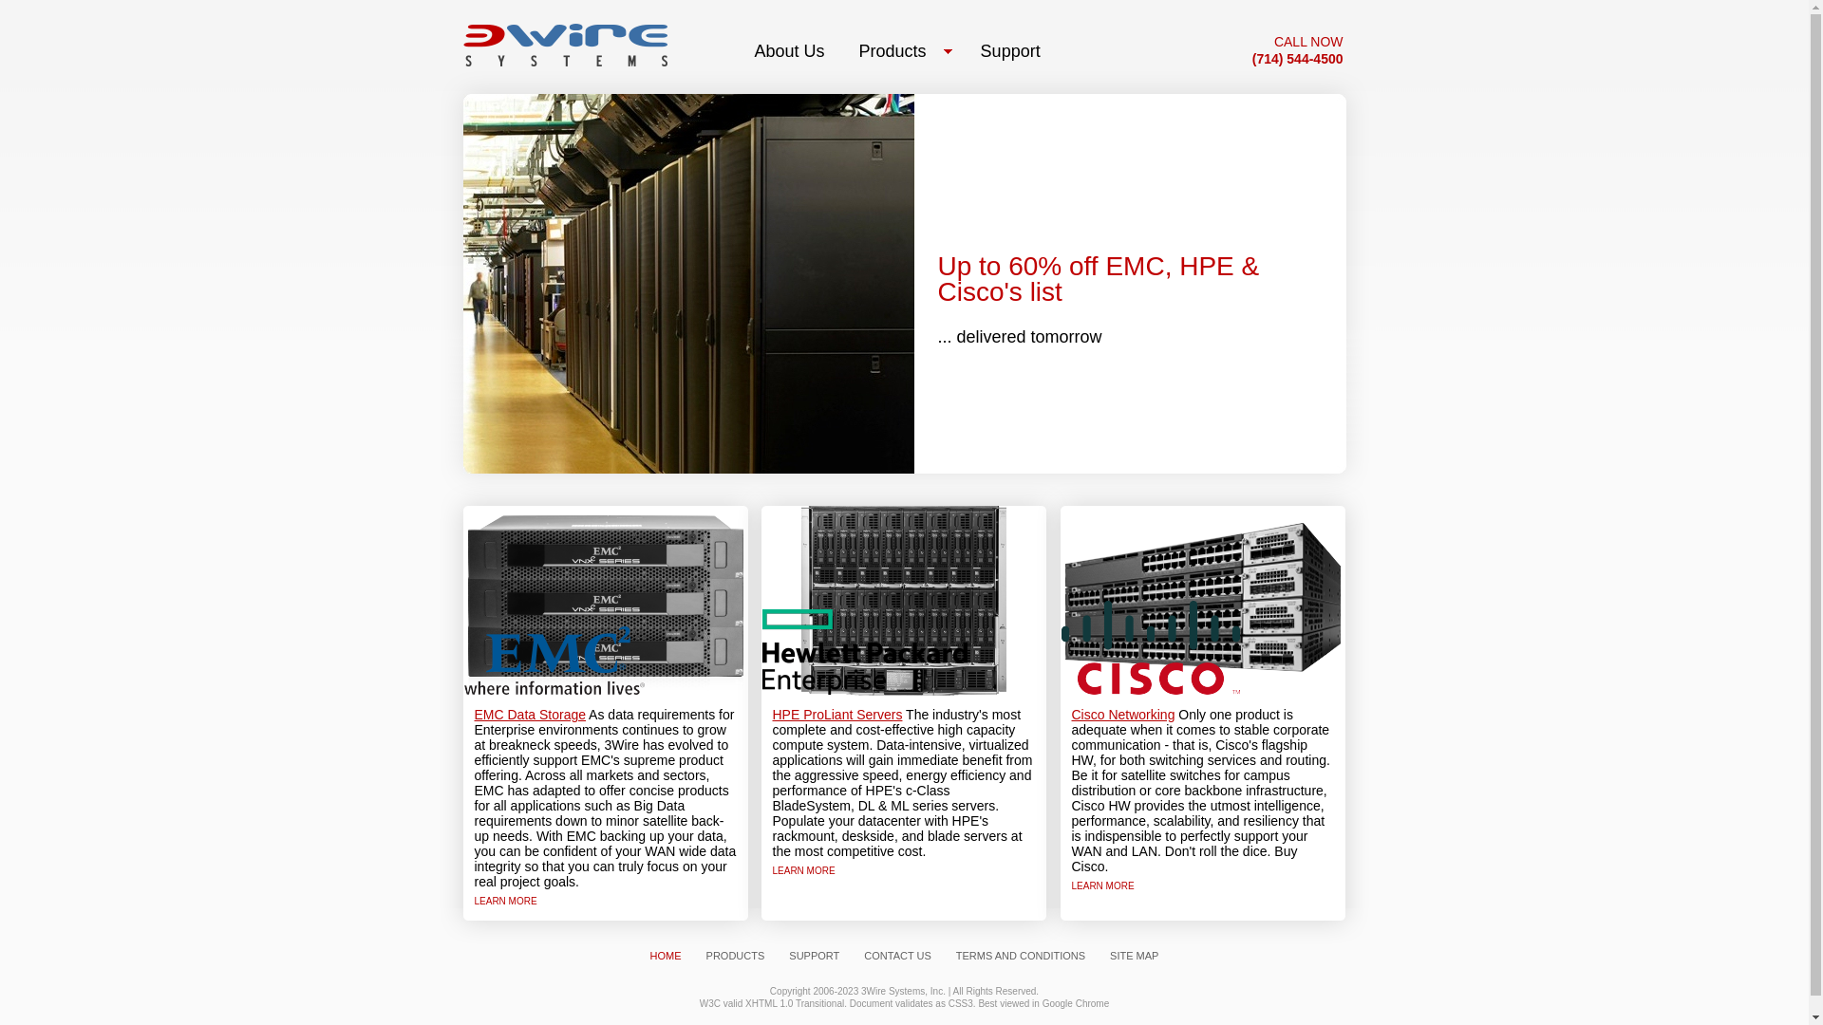 The height and width of the screenshot is (1025, 1823). I want to click on '3Wire Systems', so click(564, 43).